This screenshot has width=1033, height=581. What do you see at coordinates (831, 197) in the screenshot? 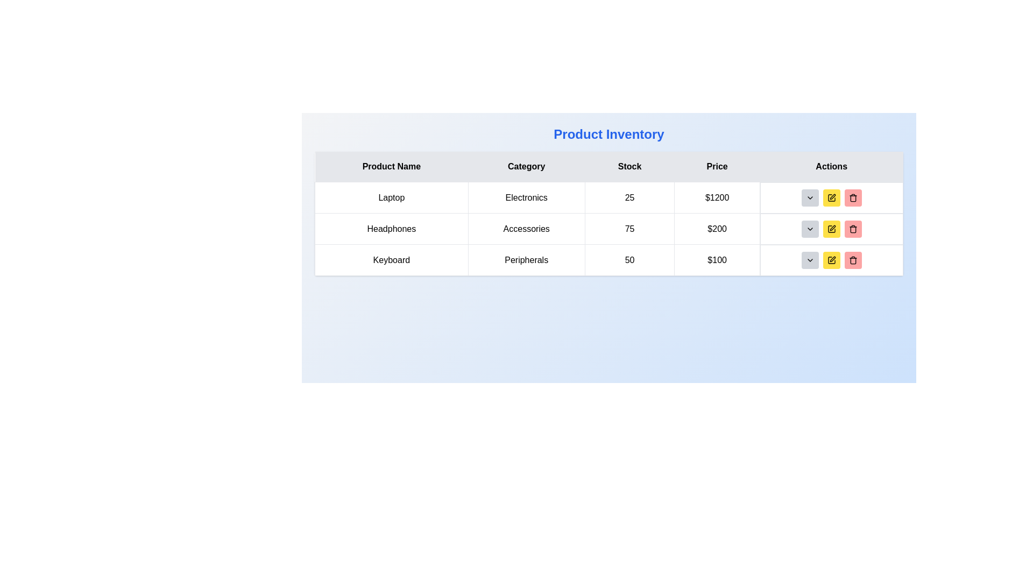
I see `the edit button located in the third row of the actions column in the product table` at bounding box center [831, 197].